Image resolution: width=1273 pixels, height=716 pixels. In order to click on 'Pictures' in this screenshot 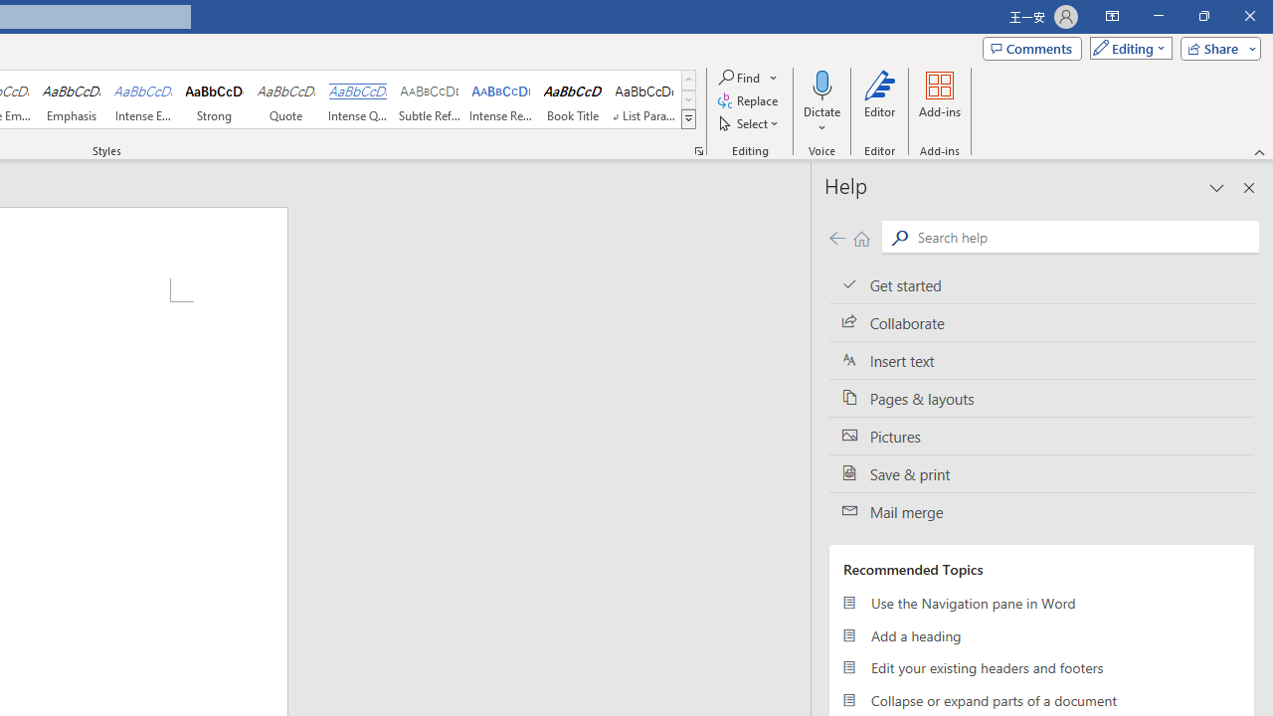, I will do `click(1040, 435)`.